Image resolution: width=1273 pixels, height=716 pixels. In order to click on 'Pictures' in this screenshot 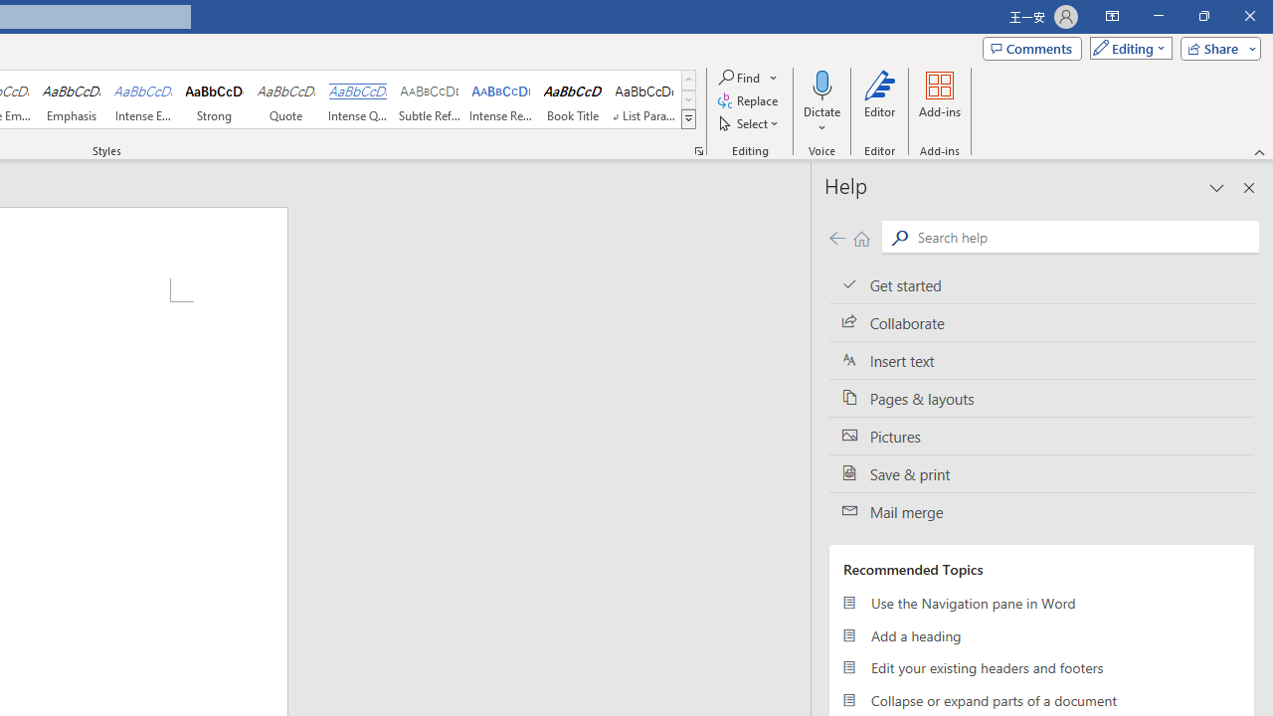, I will do `click(1040, 435)`.